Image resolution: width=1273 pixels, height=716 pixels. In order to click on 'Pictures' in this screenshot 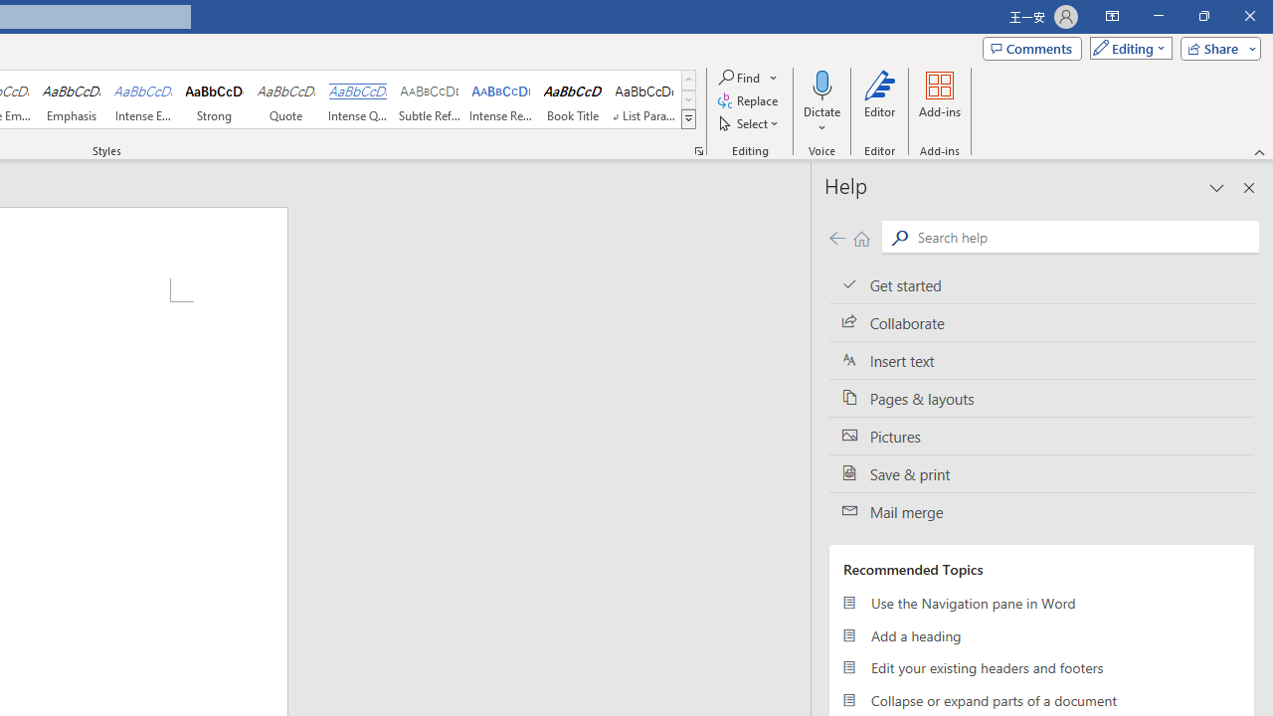, I will do `click(1040, 435)`.